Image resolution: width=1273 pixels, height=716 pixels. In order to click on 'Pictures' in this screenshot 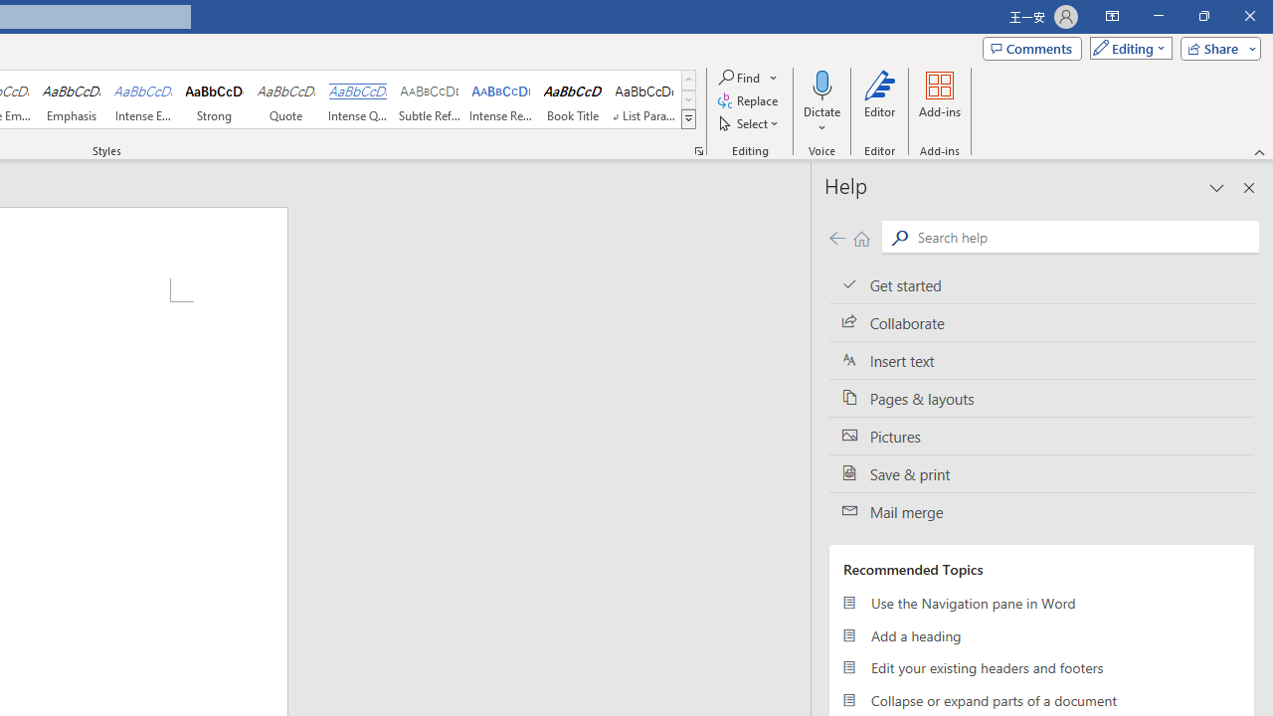, I will do `click(1040, 435)`.